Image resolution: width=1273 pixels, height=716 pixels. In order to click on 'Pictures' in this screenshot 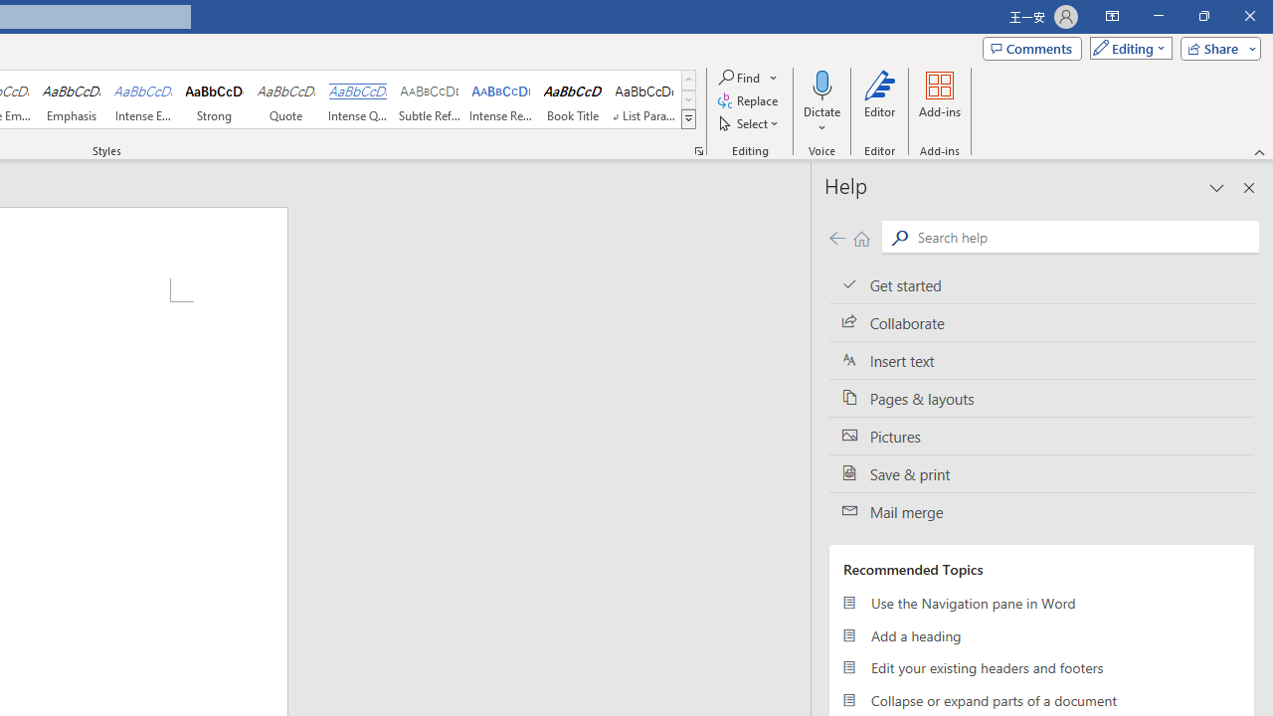, I will do `click(1040, 435)`.